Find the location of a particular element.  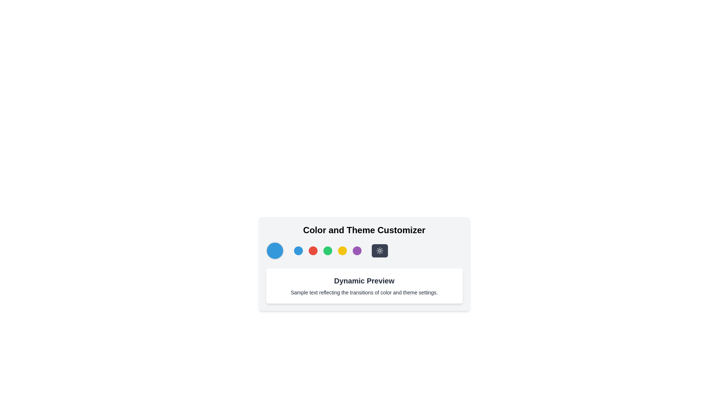

the third circular button in the horizontal sequence for selecting the green color option in the 'Color and Theme Customizer' is located at coordinates (327, 250).